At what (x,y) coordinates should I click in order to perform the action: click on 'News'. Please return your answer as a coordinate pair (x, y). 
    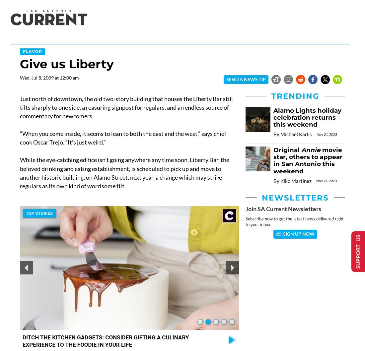
    Looking at the image, I should click on (20, 40).